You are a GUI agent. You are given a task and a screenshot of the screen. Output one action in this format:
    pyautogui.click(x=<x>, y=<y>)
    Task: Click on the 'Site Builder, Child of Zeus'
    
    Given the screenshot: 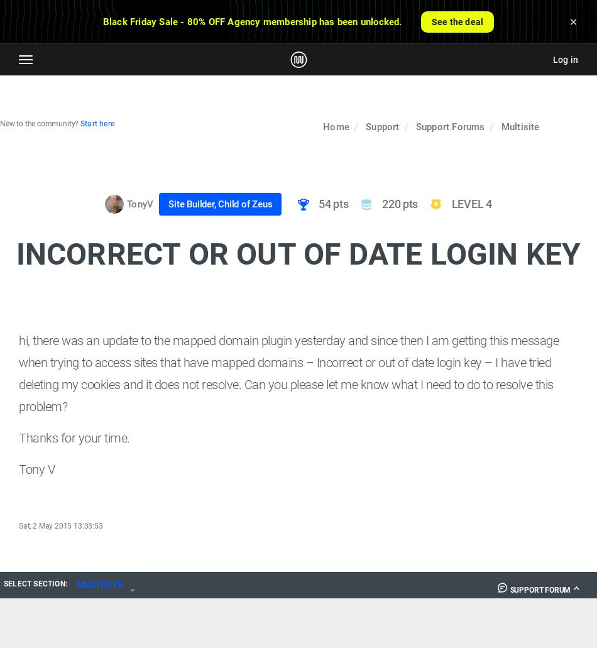 What is the action you would take?
    pyautogui.click(x=219, y=203)
    